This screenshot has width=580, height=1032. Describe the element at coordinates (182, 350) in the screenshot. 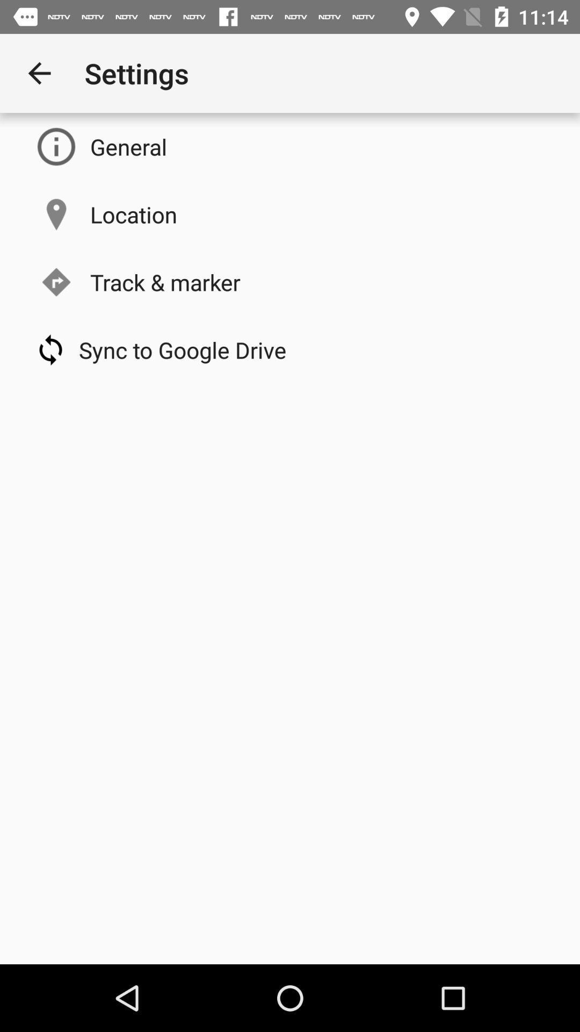

I see `sync to google` at that location.